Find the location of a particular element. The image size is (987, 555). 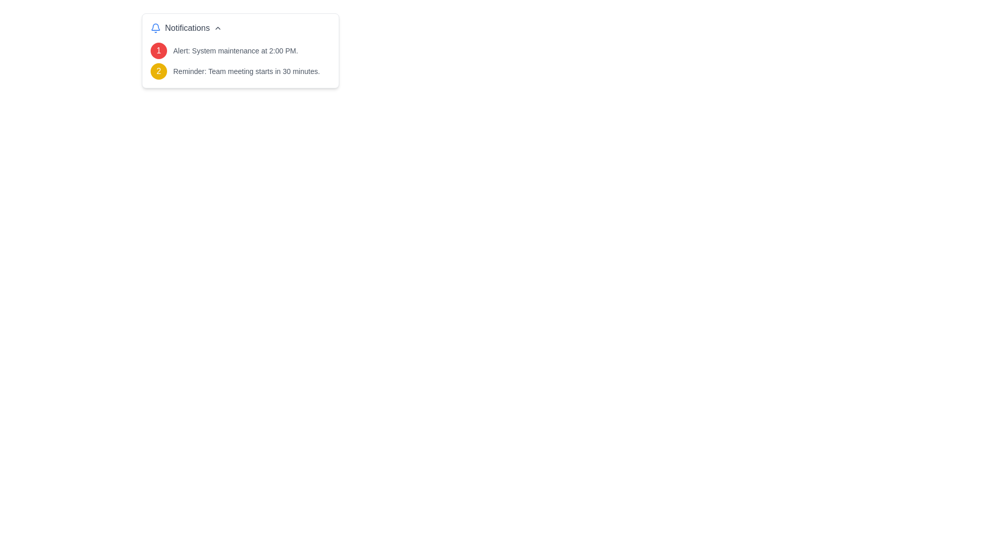

the notification item displaying a yellow circular badge with the number '2' and the text 'Reminder: Team meeting starts in 30 minutes.' is located at coordinates (240, 70).